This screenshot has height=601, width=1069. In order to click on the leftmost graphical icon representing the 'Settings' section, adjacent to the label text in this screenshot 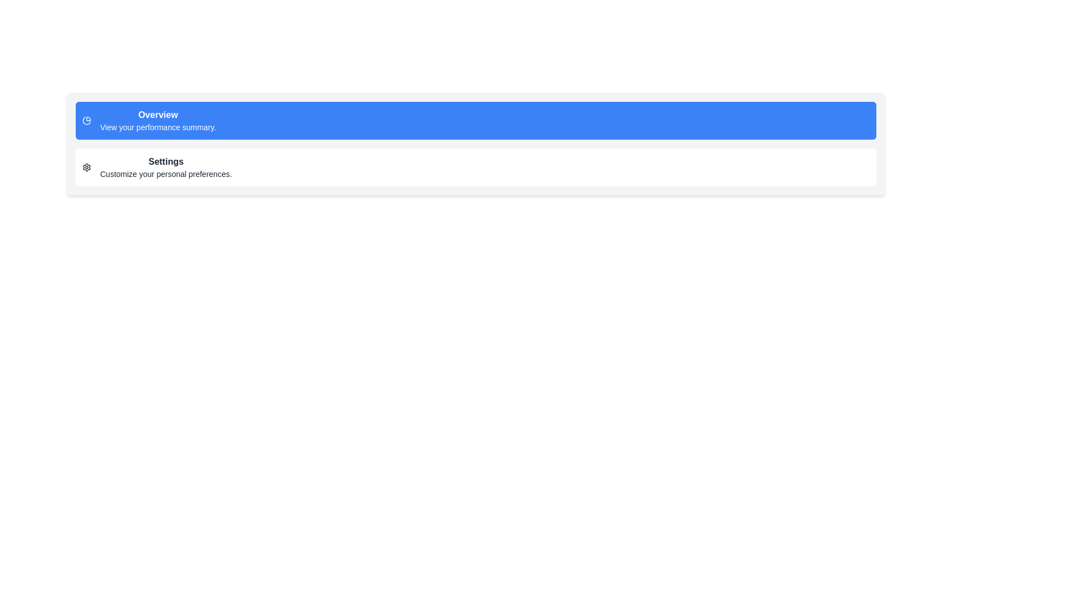, I will do `click(86, 167)`.